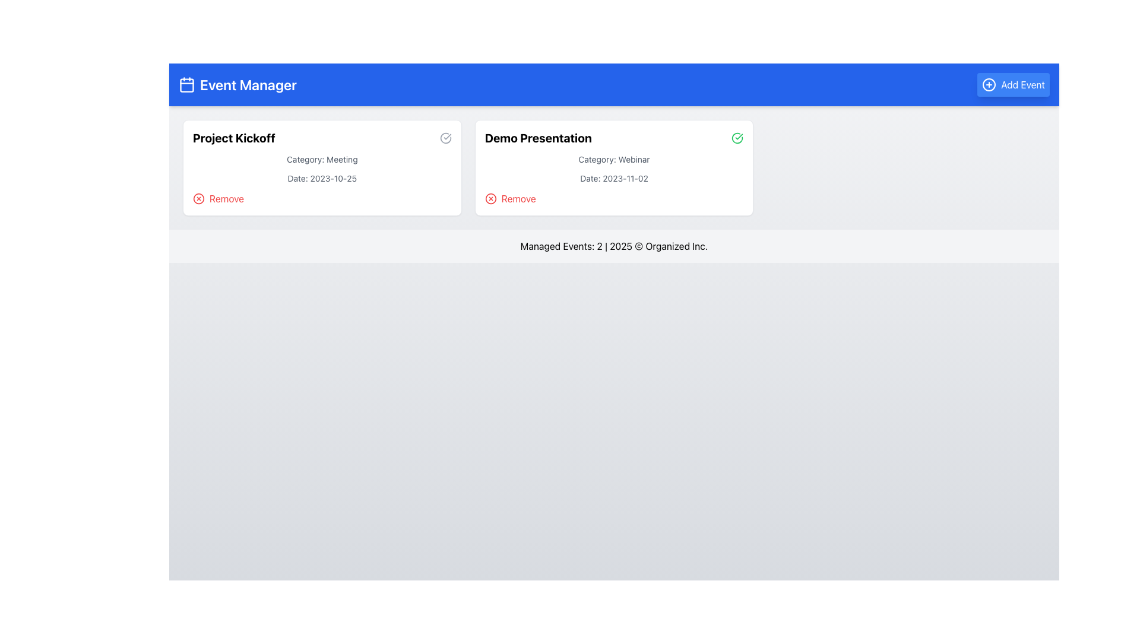  What do you see at coordinates (490, 198) in the screenshot?
I see `the circular icon with a red border and a central cross (X) symbol located at the upper-right corner of the 'Demo Presentation' card` at bounding box center [490, 198].